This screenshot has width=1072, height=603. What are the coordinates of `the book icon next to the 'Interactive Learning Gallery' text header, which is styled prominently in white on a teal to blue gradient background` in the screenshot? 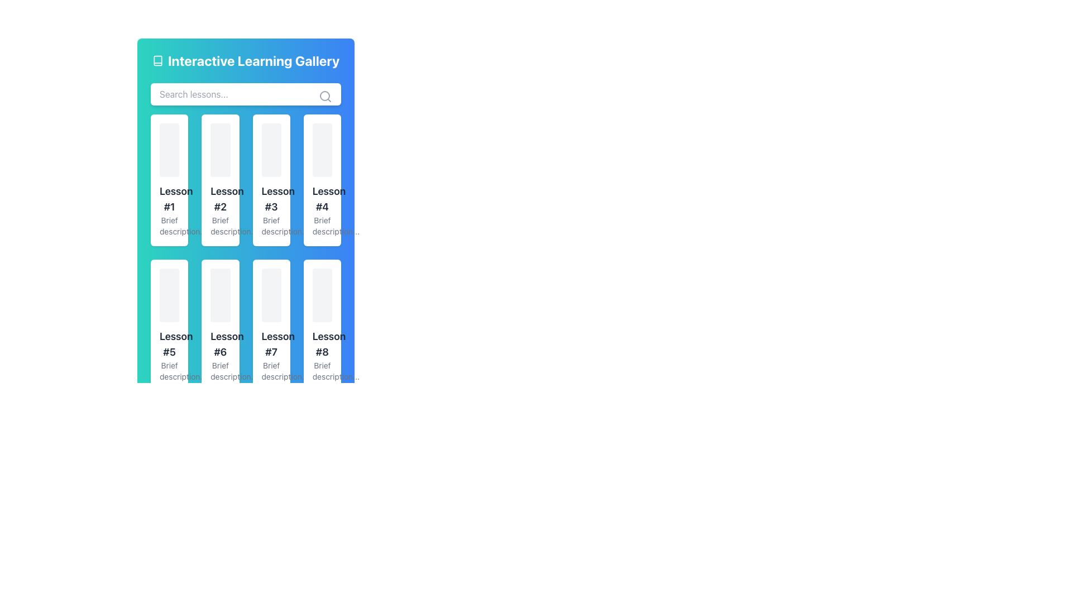 It's located at (245, 60).